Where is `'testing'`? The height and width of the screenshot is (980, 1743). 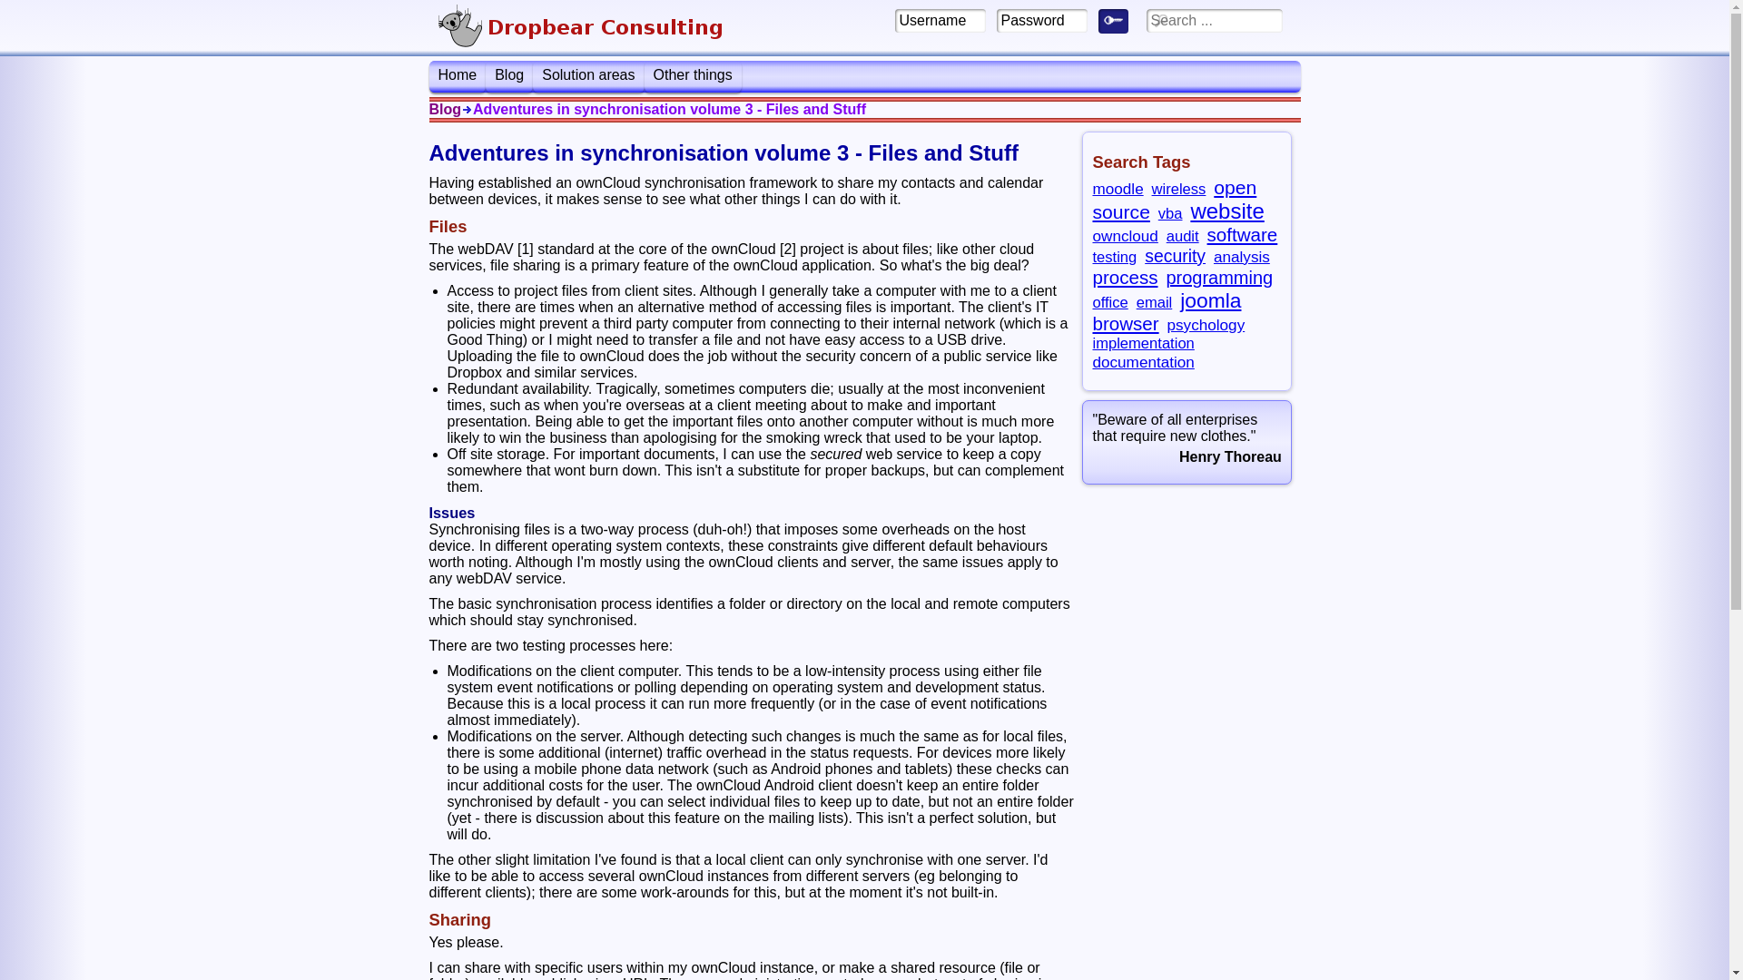 'testing' is located at coordinates (1091, 257).